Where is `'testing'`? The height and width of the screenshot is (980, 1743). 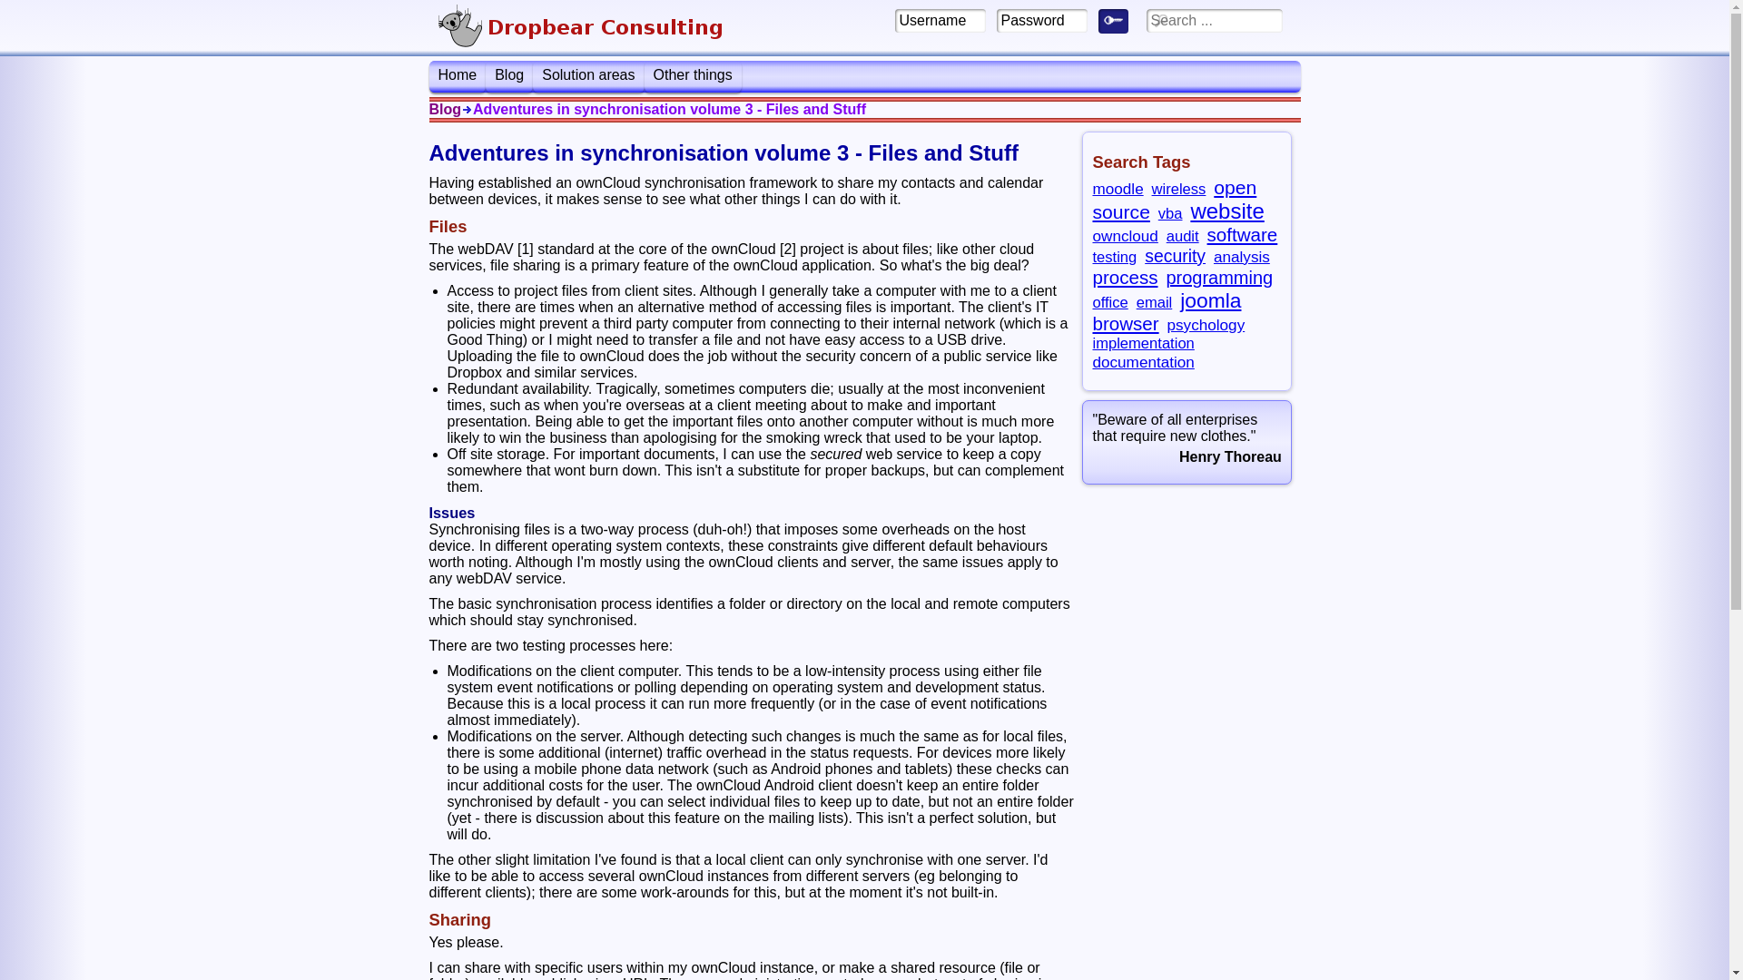 'testing' is located at coordinates (1091, 257).